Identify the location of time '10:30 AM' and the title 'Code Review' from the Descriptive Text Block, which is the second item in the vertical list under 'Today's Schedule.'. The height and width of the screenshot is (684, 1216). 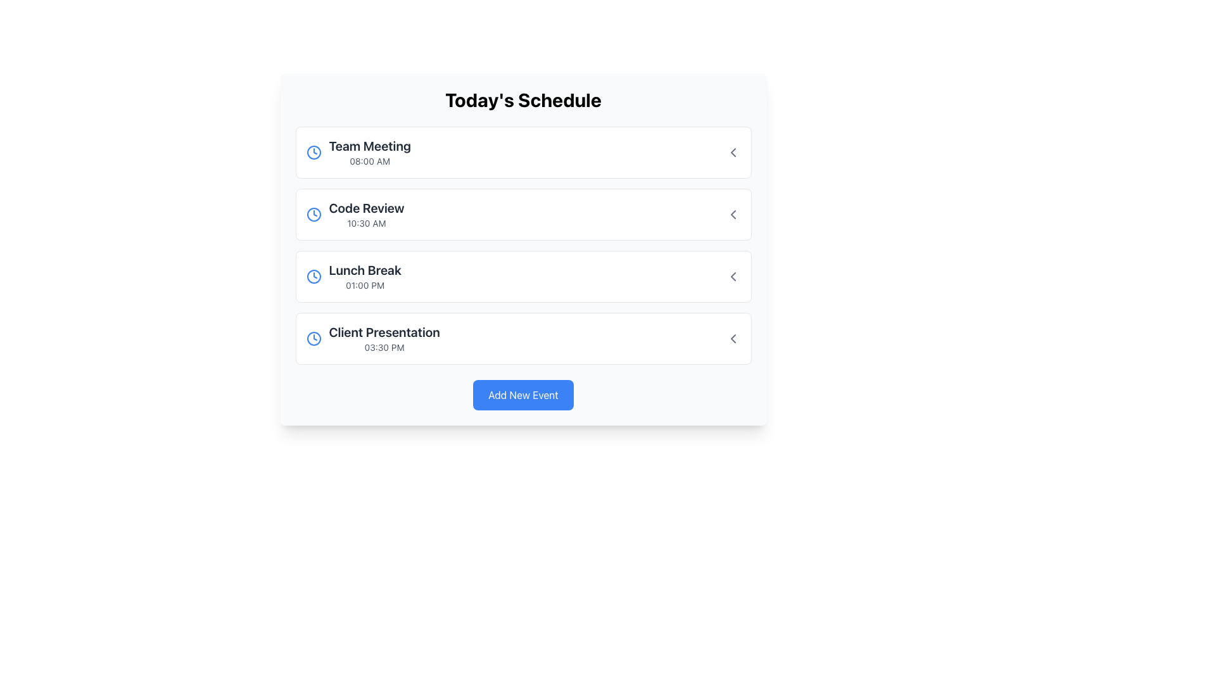
(366, 214).